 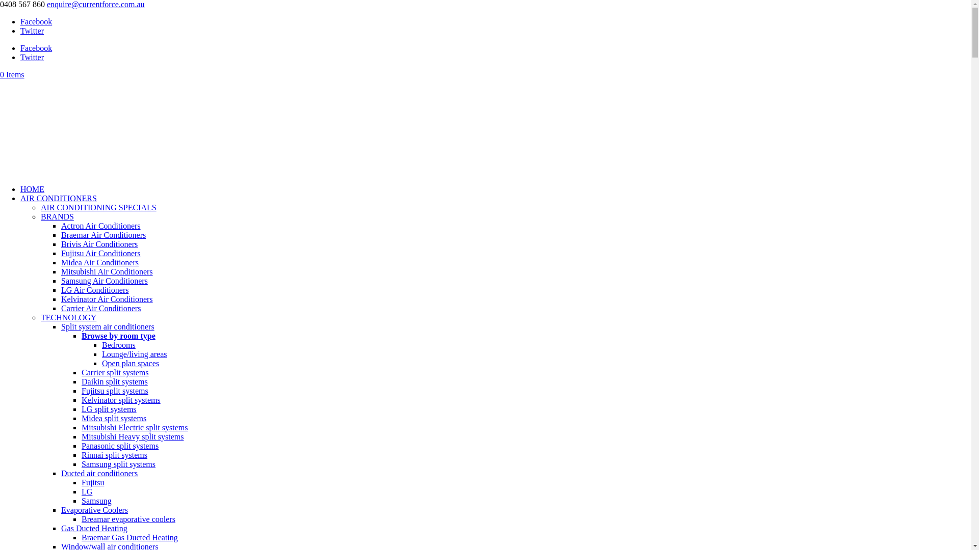 I want to click on 'TECHNOLOGY', so click(x=68, y=317).